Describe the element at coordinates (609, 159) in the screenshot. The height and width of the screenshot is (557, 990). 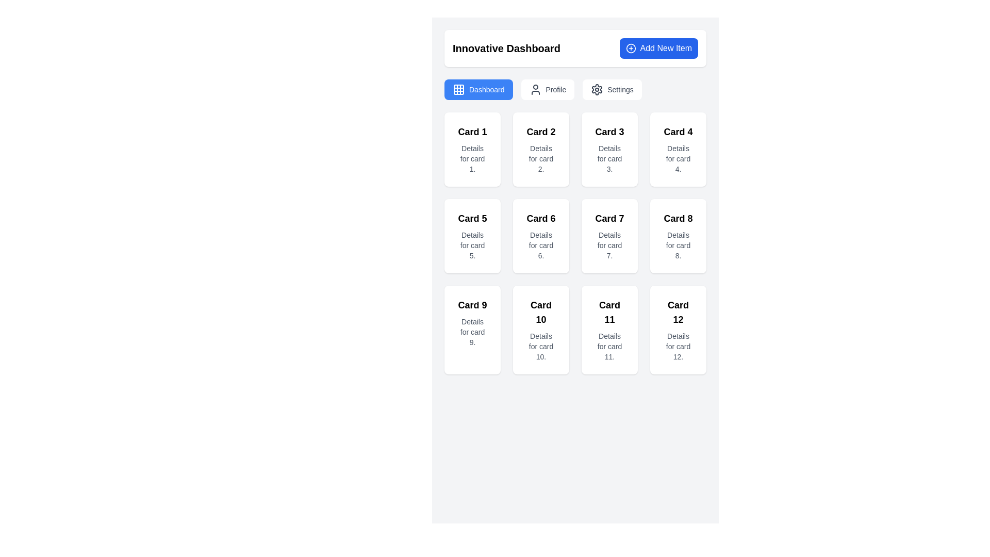
I see `the Static Text Label located within the third card in the grid layout, positioned at the top-right below the heading text 'Card 3'` at that location.